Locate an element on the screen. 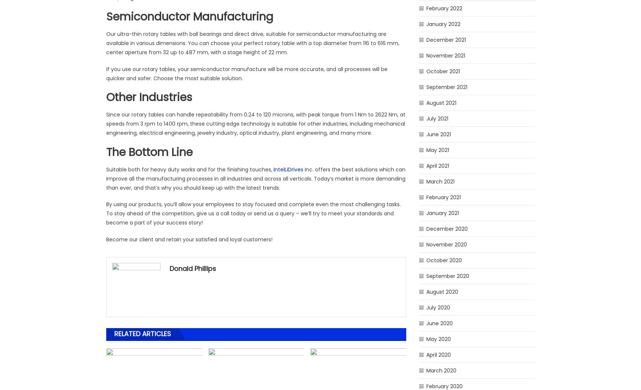 This screenshot has height=390, width=641. 'October 2020' is located at coordinates (444, 260).